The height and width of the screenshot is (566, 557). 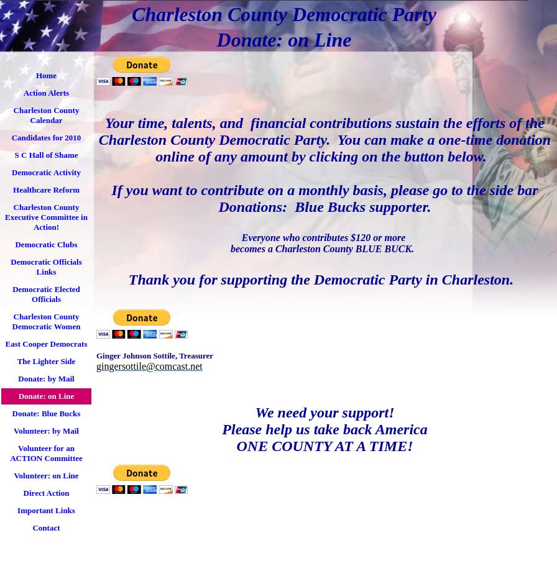 What do you see at coordinates (46, 343) in the screenshot?
I see `'East Cooper Democrats'` at bounding box center [46, 343].